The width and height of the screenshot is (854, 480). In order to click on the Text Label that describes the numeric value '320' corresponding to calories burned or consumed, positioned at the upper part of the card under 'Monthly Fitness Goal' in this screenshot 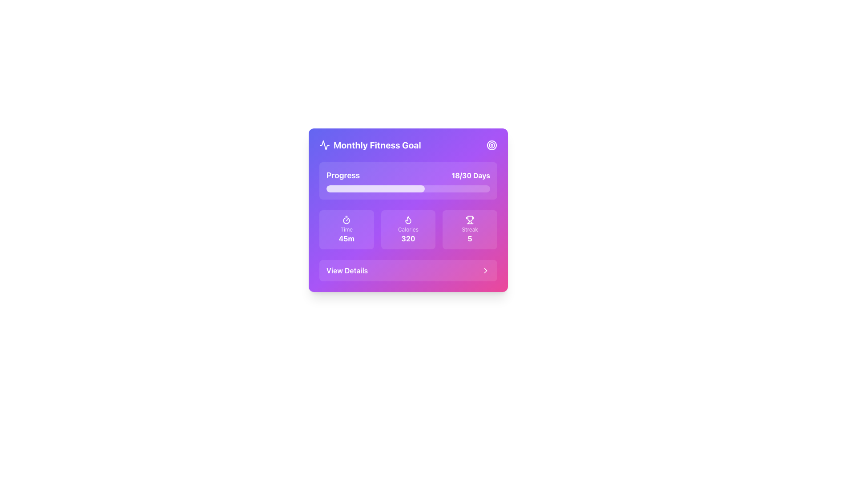, I will do `click(407, 229)`.